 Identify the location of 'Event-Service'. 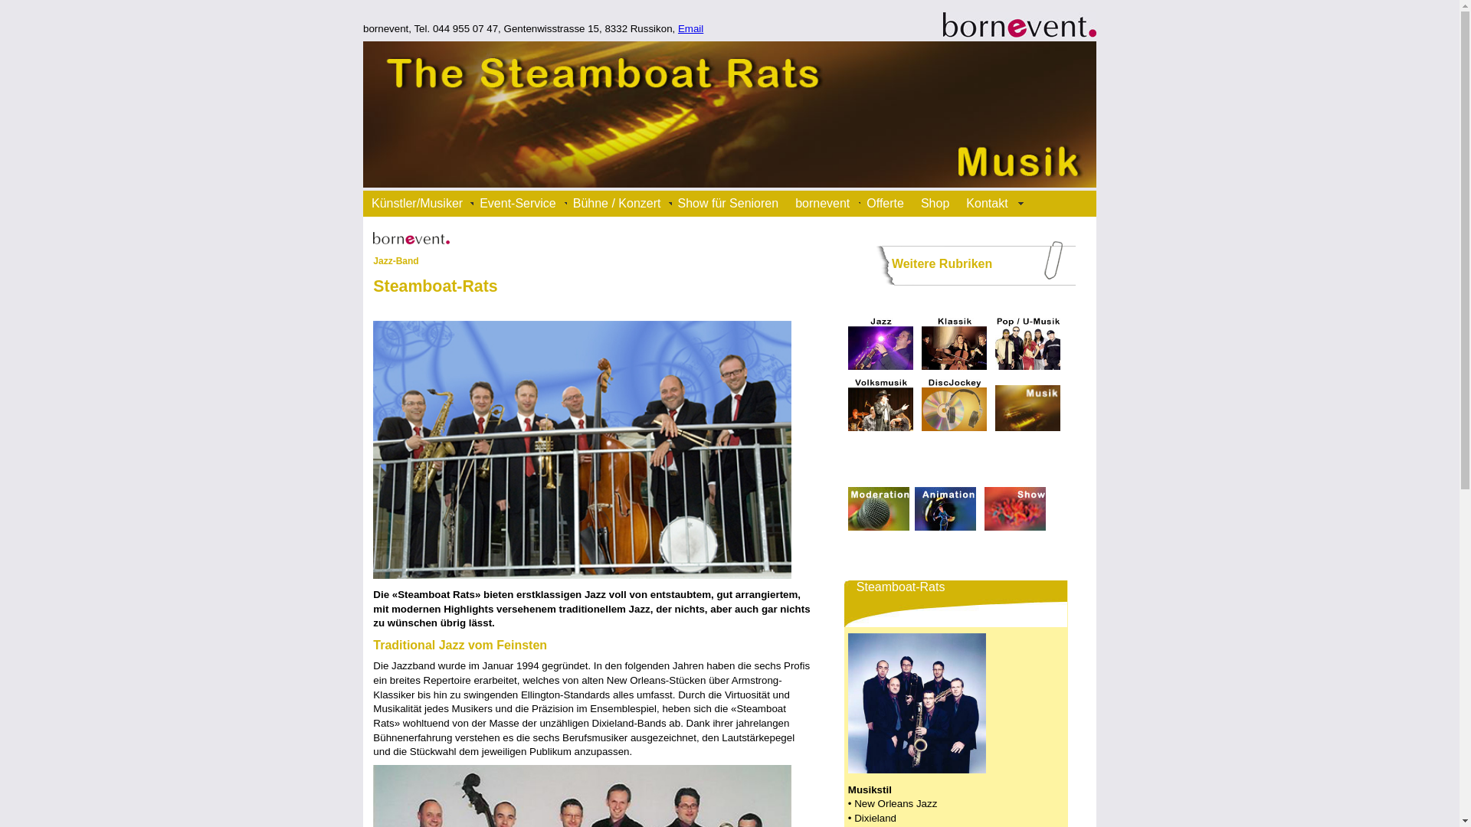
(473, 203).